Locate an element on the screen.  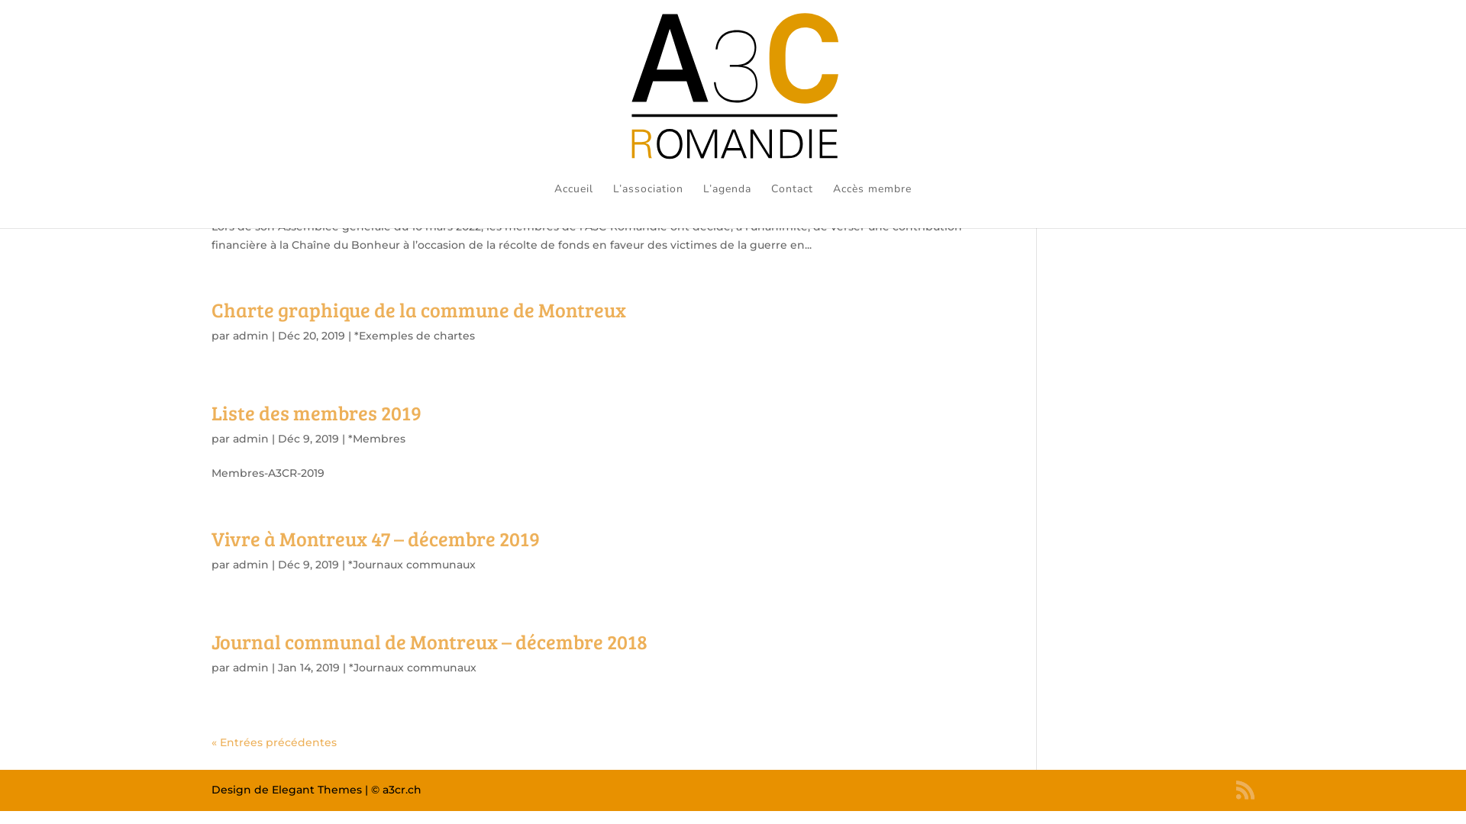
'*Membres' is located at coordinates (376, 438).